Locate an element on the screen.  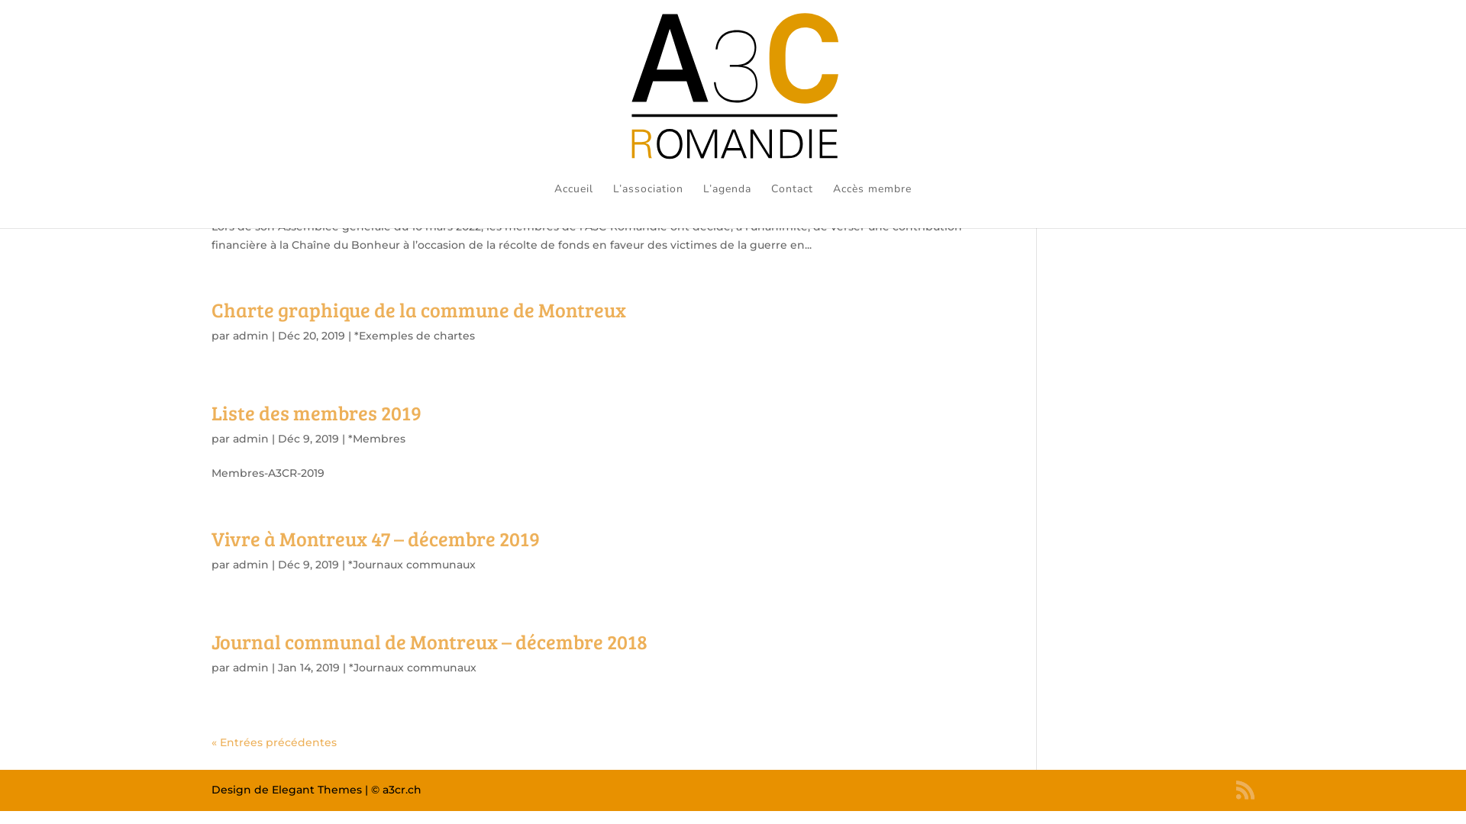
'*Membres' is located at coordinates (376, 438).